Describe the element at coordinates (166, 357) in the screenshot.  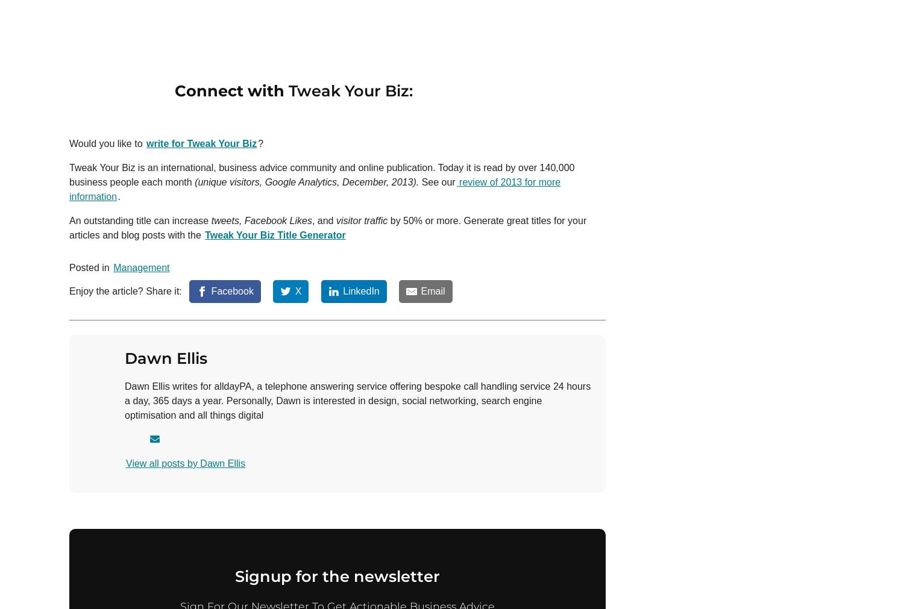
I see `'Dawn Ellis'` at that location.